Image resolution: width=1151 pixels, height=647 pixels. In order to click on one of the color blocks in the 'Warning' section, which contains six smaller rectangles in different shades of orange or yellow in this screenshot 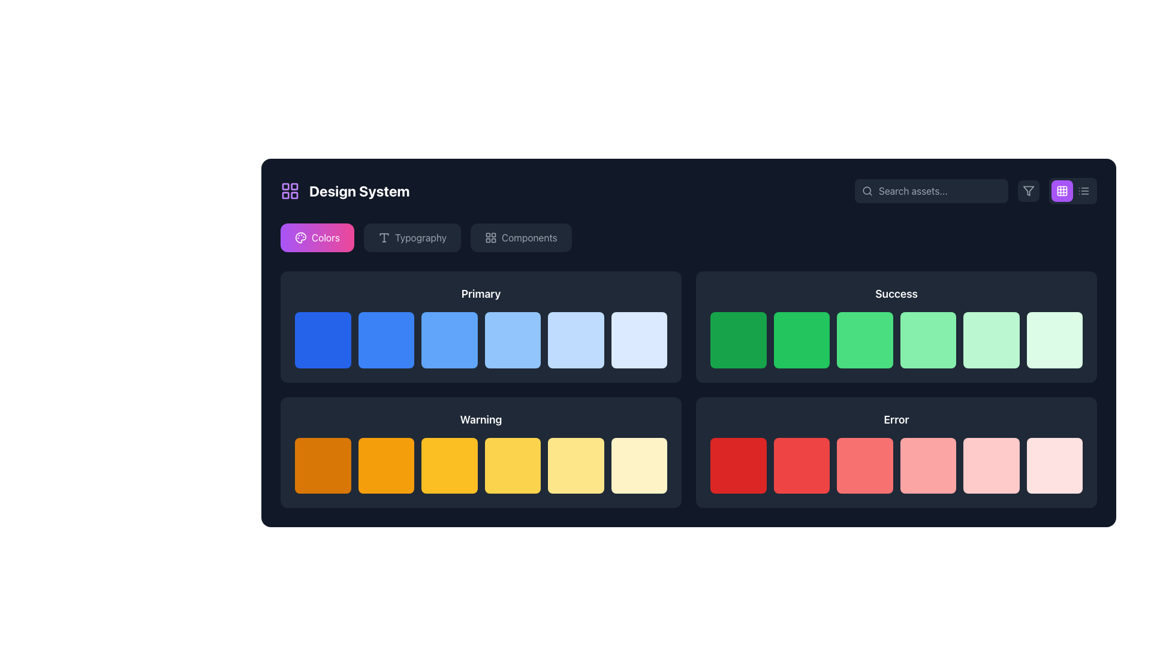, I will do `click(481, 452)`.